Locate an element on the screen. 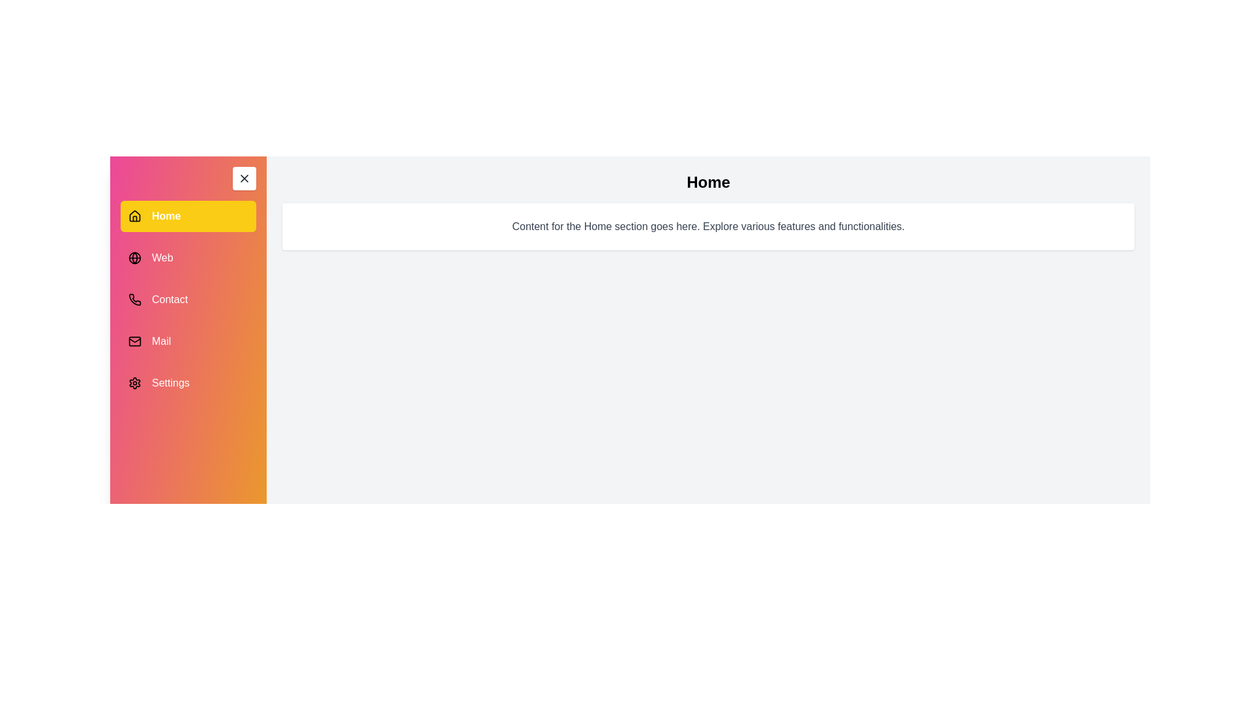  the menu item Web to view its associated content is located at coordinates (187, 258).